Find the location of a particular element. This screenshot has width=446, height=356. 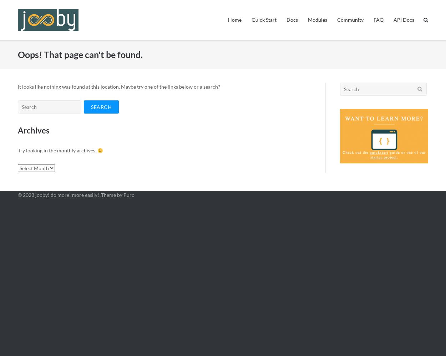

'API Docs' is located at coordinates (404, 20).